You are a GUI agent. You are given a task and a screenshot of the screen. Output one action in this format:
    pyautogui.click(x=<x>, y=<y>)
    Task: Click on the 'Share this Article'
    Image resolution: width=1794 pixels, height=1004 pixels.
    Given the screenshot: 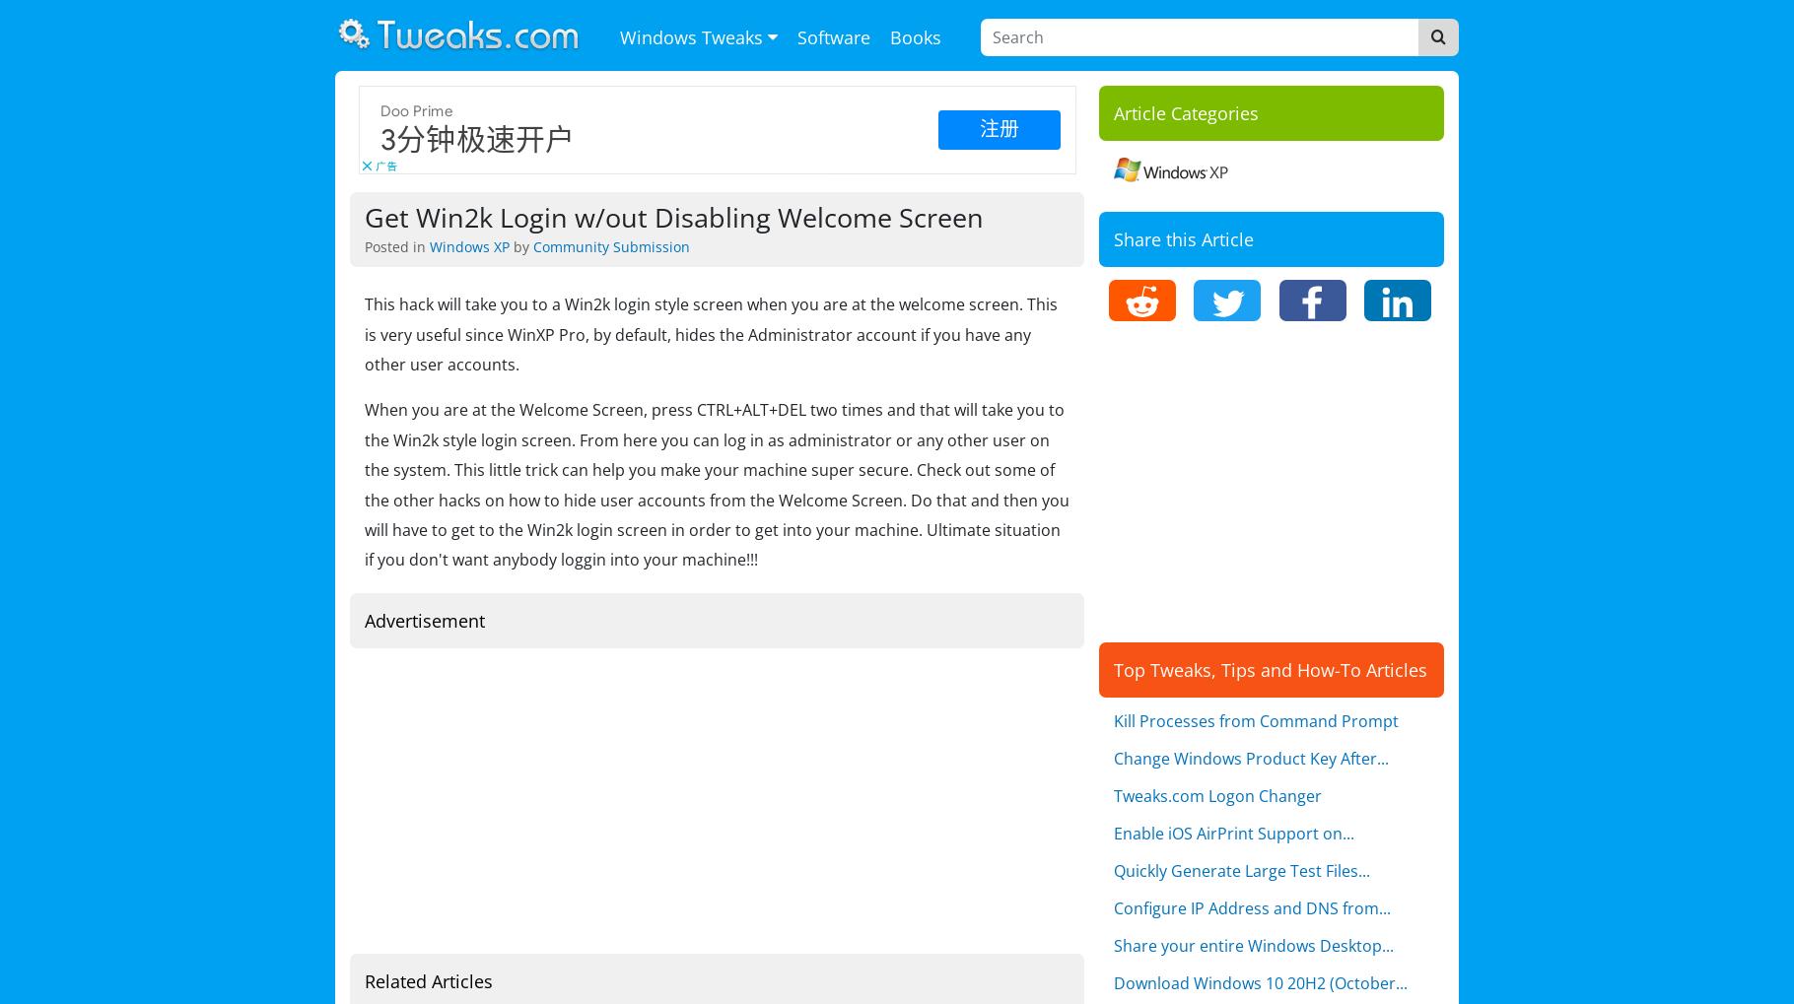 What is the action you would take?
    pyautogui.click(x=1184, y=238)
    